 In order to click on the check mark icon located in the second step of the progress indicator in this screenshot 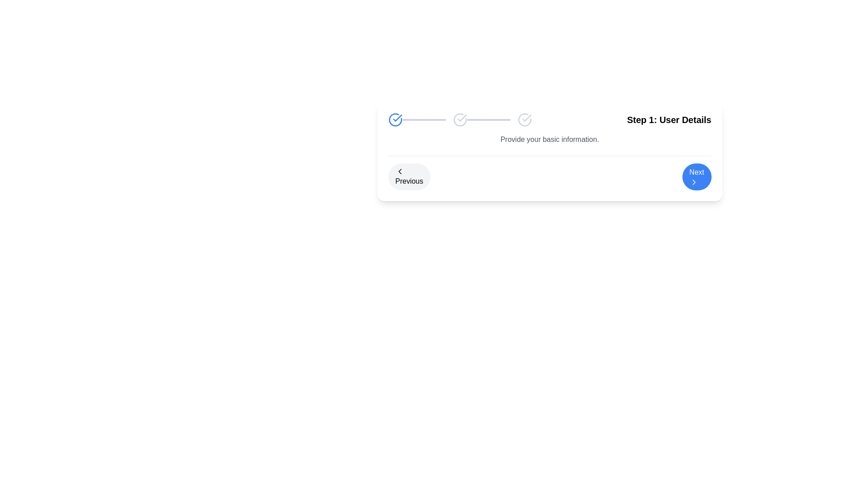, I will do `click(462, 117)`.